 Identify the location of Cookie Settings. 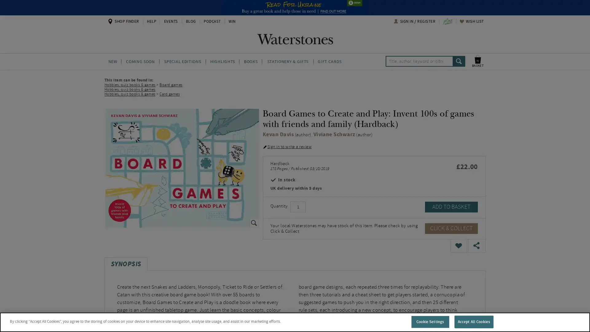
(430, 321).